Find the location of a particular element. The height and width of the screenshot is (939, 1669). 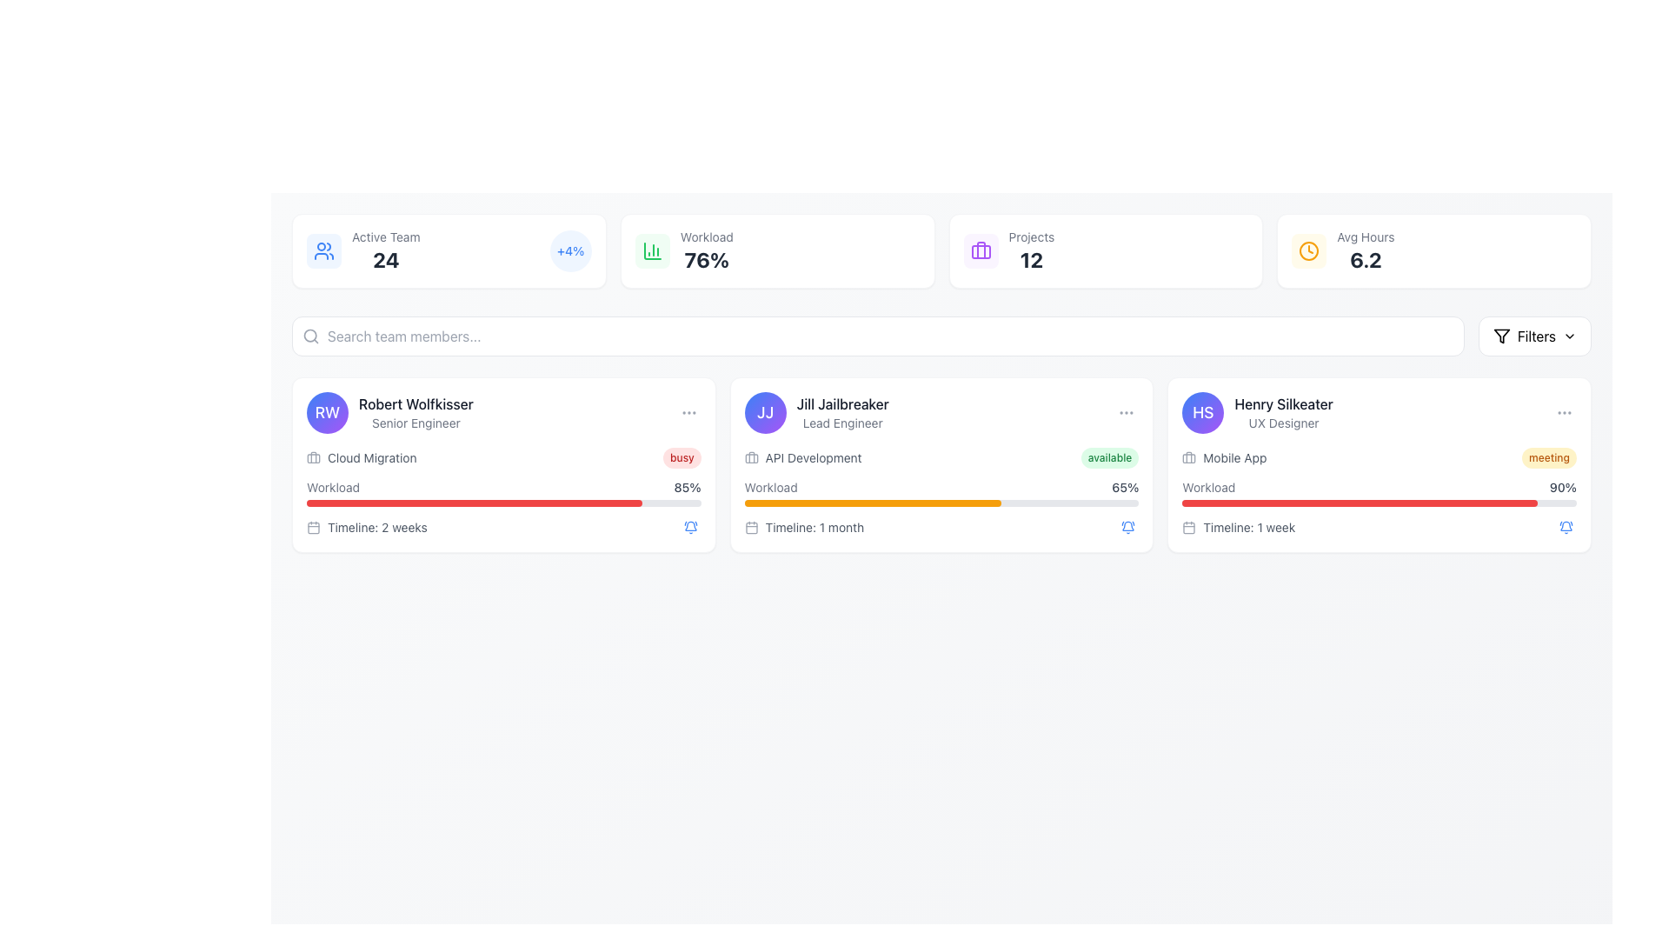

the Decorative SVG element, which is a rectangular shape with slightly rounded corners, serving as part of an icon set located in the header section of the UI is located at coordinates (751, 457).